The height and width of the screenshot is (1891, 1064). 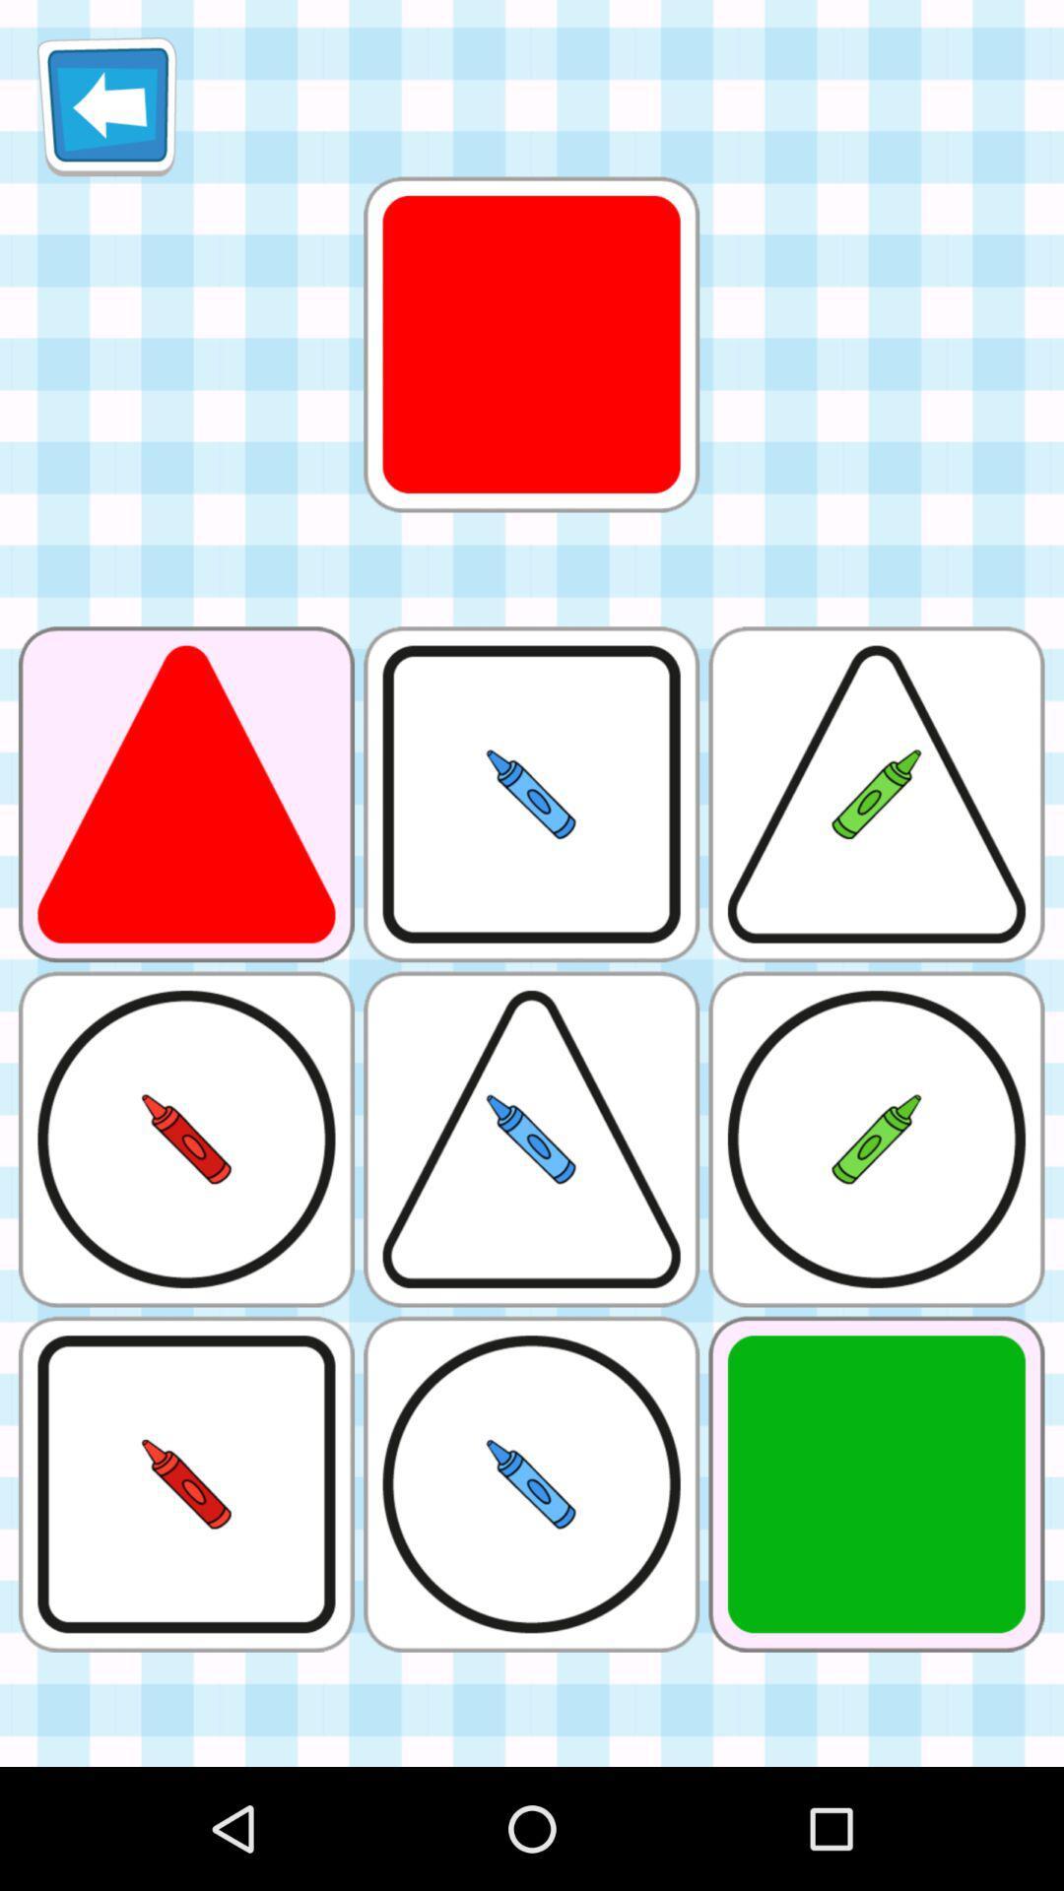 I want to click on the arrow_backward icon, so click(x=106, y=113).